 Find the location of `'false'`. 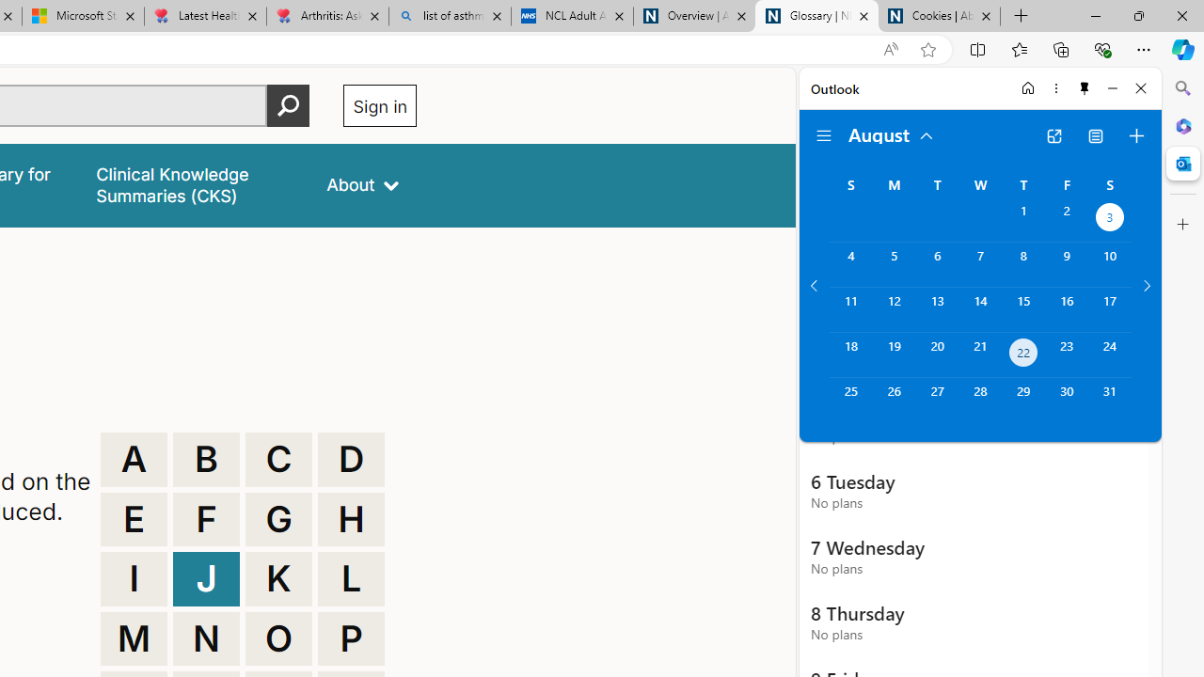

'false' is located at coordinates (195, 185).